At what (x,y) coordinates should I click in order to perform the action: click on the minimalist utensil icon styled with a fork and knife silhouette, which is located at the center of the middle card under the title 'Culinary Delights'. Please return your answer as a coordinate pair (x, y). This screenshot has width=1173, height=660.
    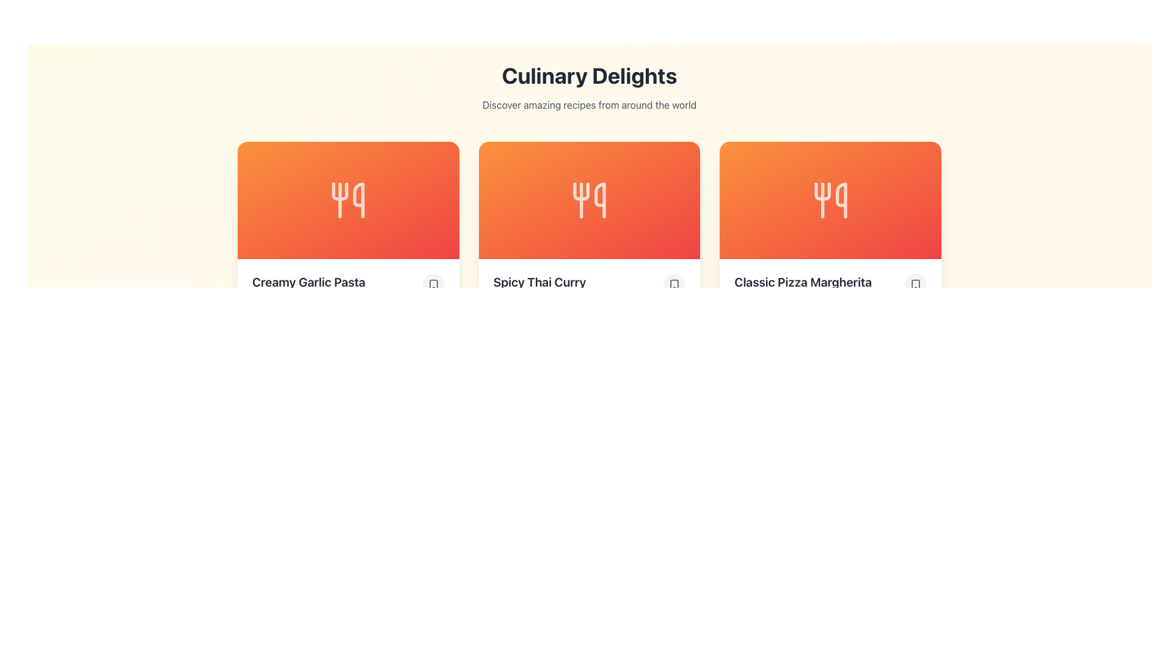
    Looking at the image, I should click on (830, 199).